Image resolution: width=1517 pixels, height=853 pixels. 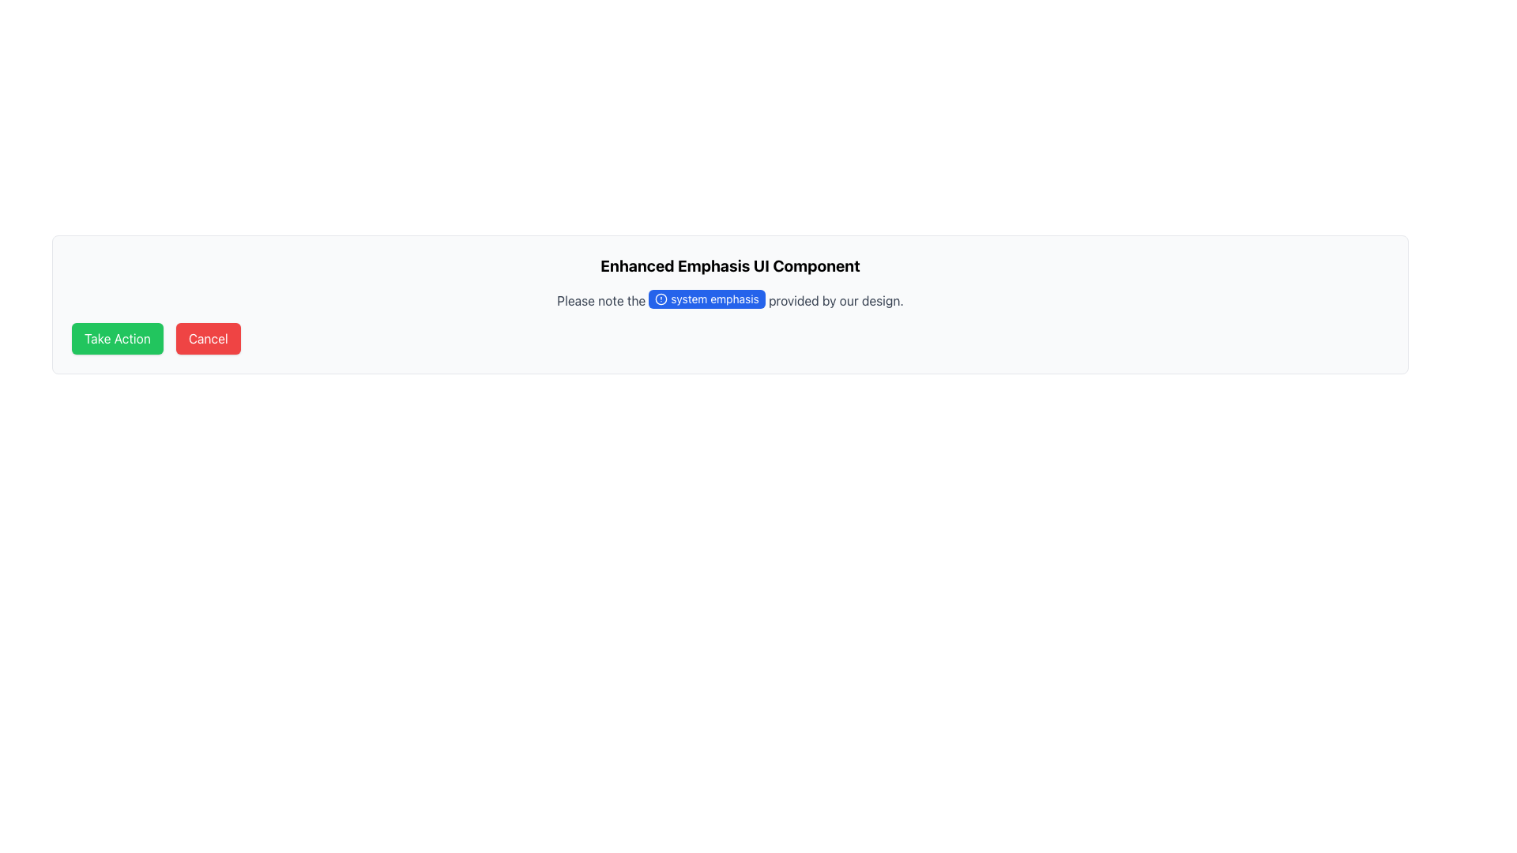 I want to click on the SVG Circle element, which is a circular outline located to the left of the text 'system emphasis' under the heading 'Enhanced Emphasis UI Component.', so click(x=661, y=299).